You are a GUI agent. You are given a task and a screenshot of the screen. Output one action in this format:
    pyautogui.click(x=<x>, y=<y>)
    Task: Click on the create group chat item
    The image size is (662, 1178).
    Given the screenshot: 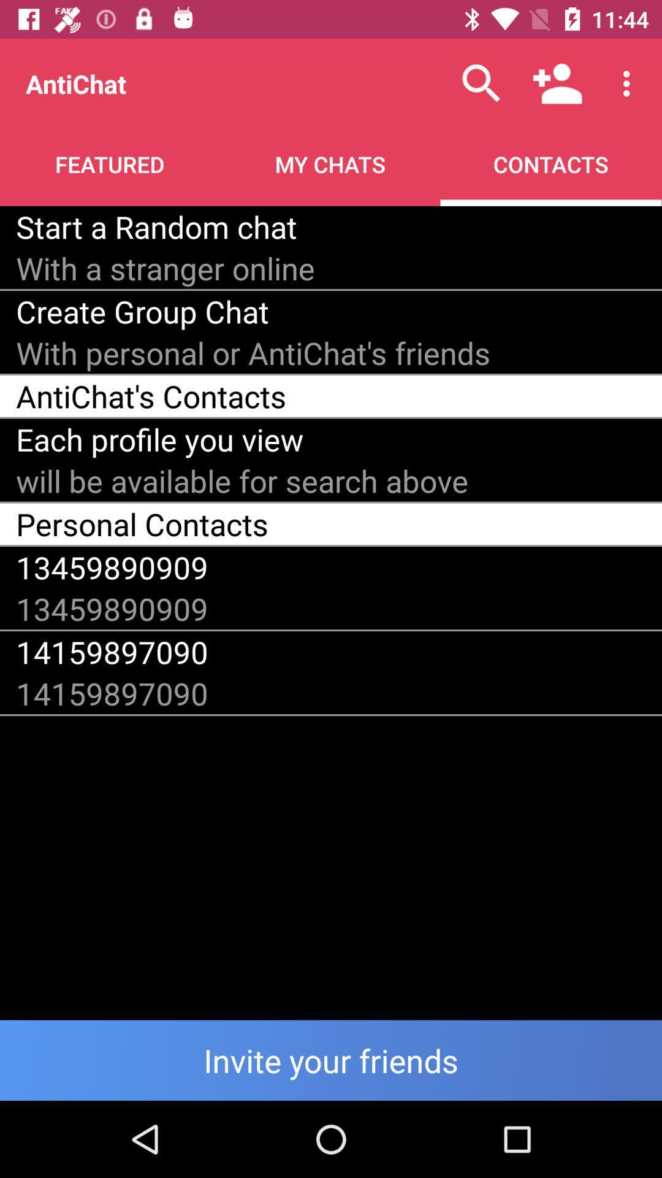 What is the action you would take?
    pyautogui.click(x=142, y=311)
    